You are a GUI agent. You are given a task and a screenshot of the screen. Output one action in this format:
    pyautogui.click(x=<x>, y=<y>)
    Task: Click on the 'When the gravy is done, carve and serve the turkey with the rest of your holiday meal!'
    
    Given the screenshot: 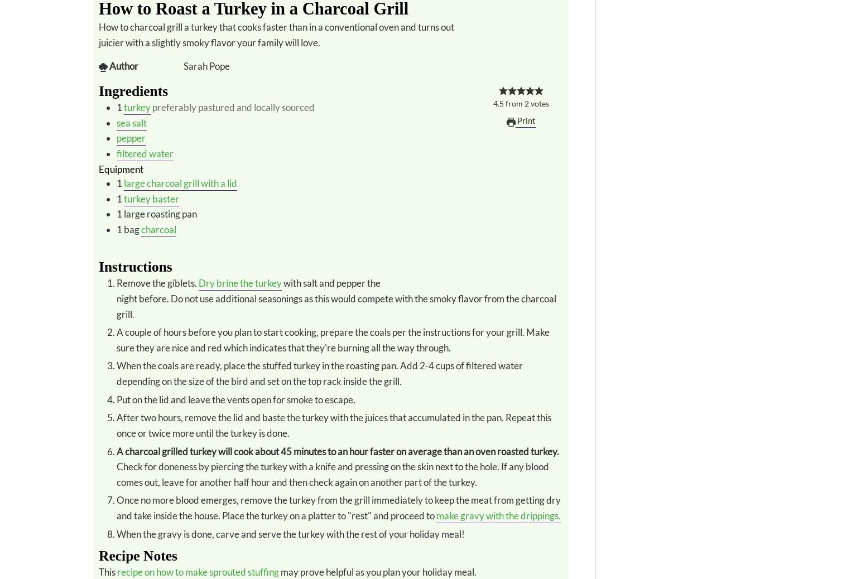 What is the action you would take?
    pyautogui.click(x=290, y=533)
    